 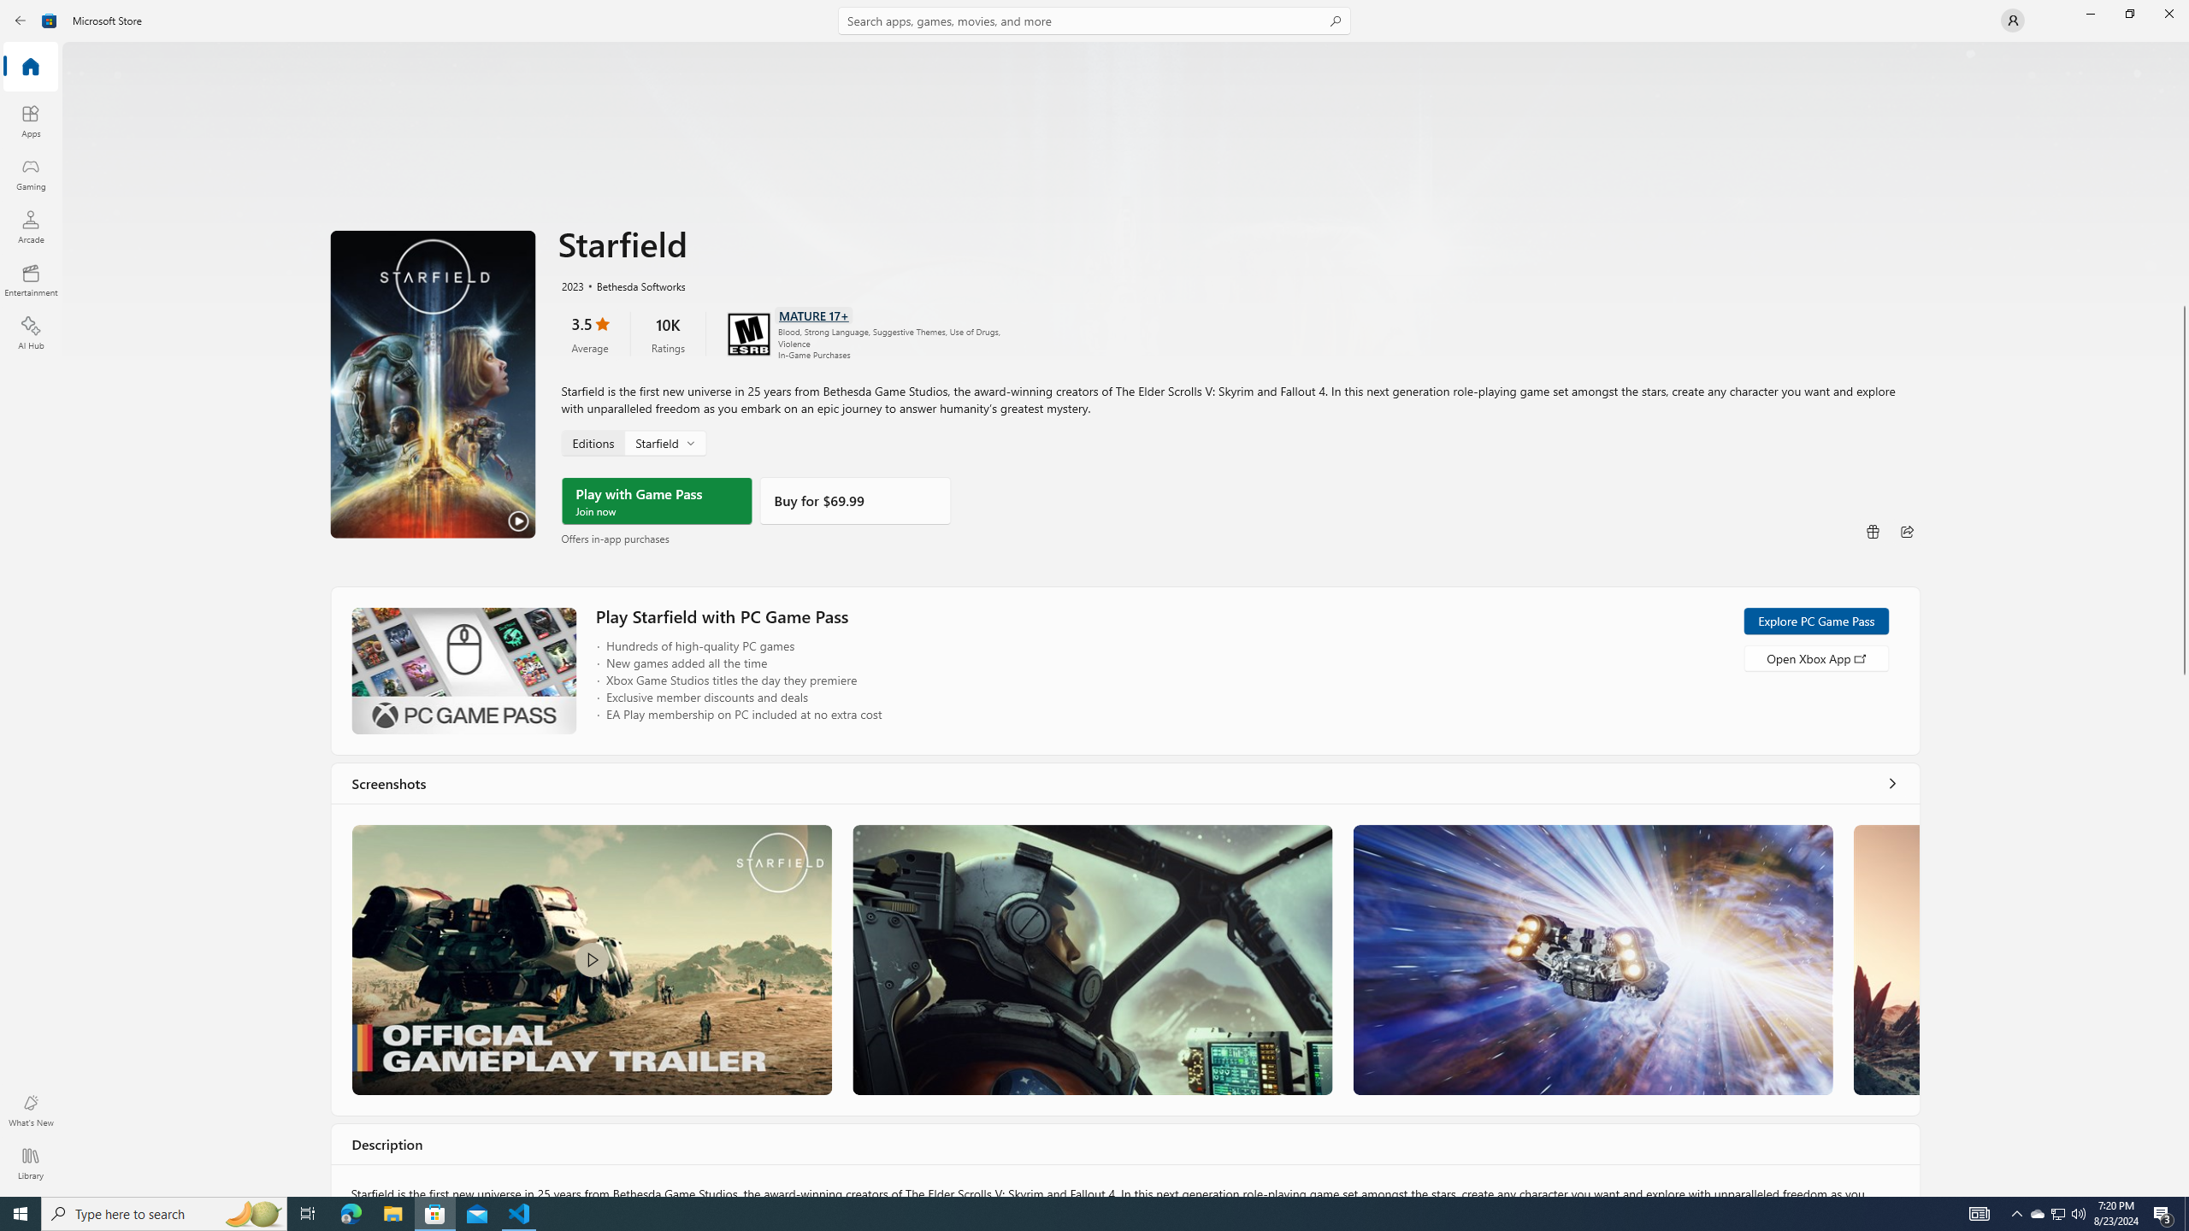 What do you see at coordinates (21, 19) in the screenshot?
I see `'Back'` at bounding box center [21, 19].